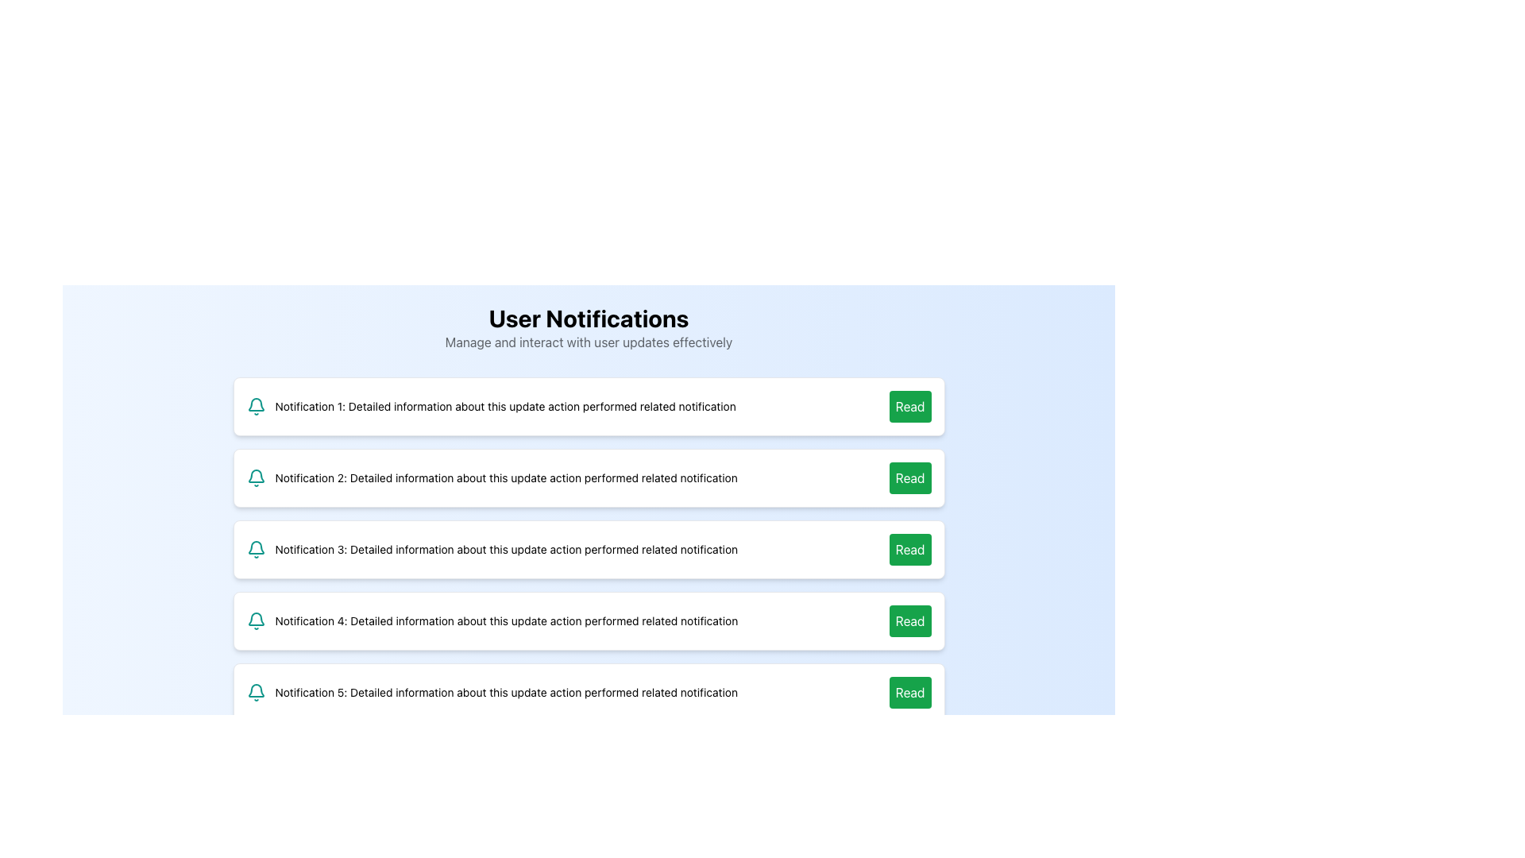  What do you see at coordinates (910, 477) in the screenshot?
I see `the 'Read' button located on the far right of the second notification row under the 'User Notifications' heading to observe hover style changes` at bounding box center [910, 477].